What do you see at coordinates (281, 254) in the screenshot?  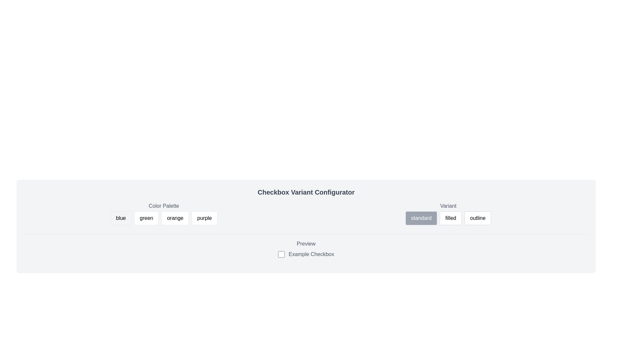 I see `the checkbox located in the 'Preview' section near the center-bottom of the interface to check or uncheck it` at bounding box center [281, 254].